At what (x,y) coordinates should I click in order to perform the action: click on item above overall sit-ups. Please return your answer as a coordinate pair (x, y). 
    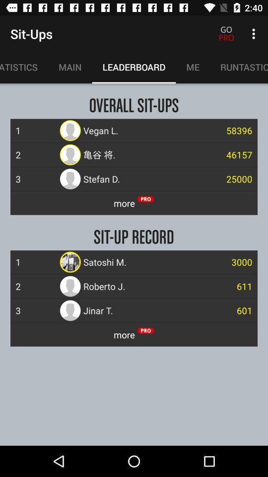
    Looking at the image, I should click on (193, 67).